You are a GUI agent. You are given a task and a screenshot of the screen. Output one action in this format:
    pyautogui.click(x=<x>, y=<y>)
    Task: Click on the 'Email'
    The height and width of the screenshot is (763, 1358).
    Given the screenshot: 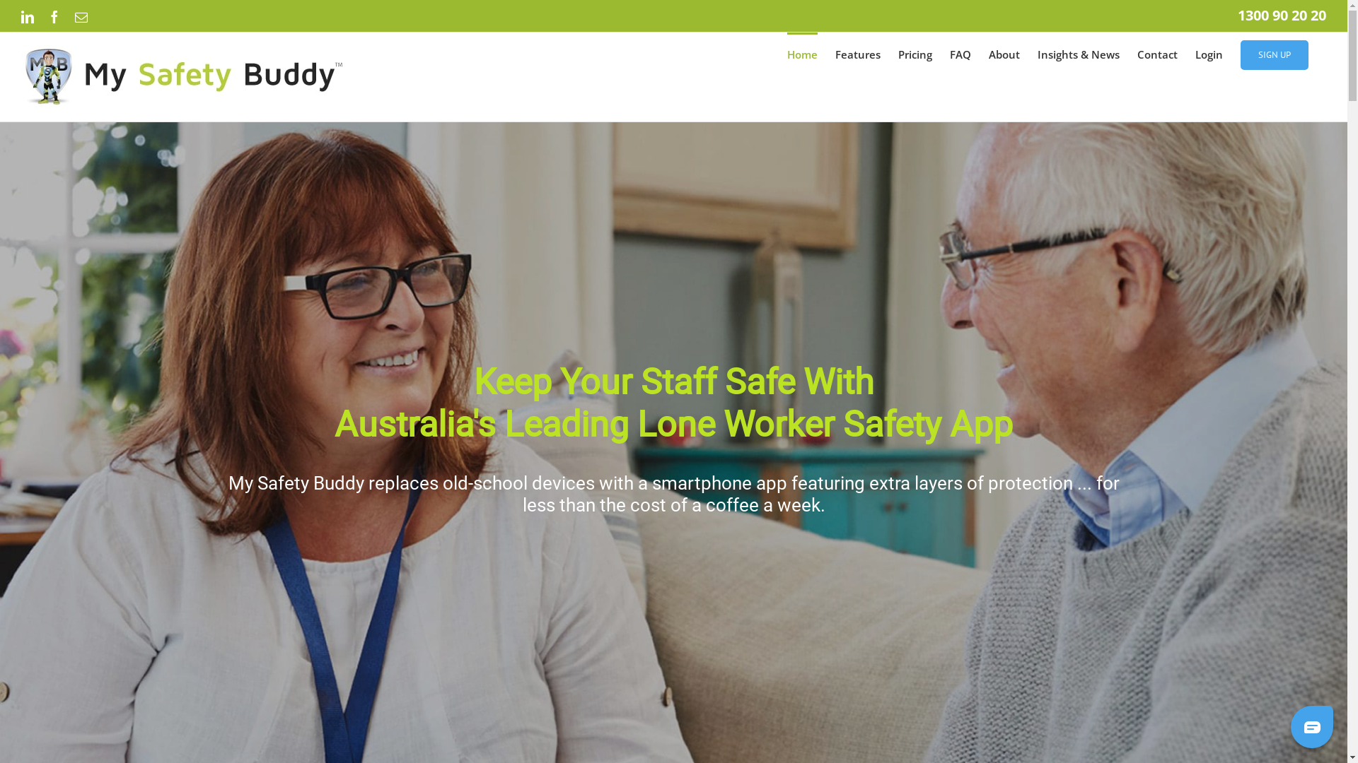 What is the action you would take?
    pyautogui.click(x=81, y=16)
    